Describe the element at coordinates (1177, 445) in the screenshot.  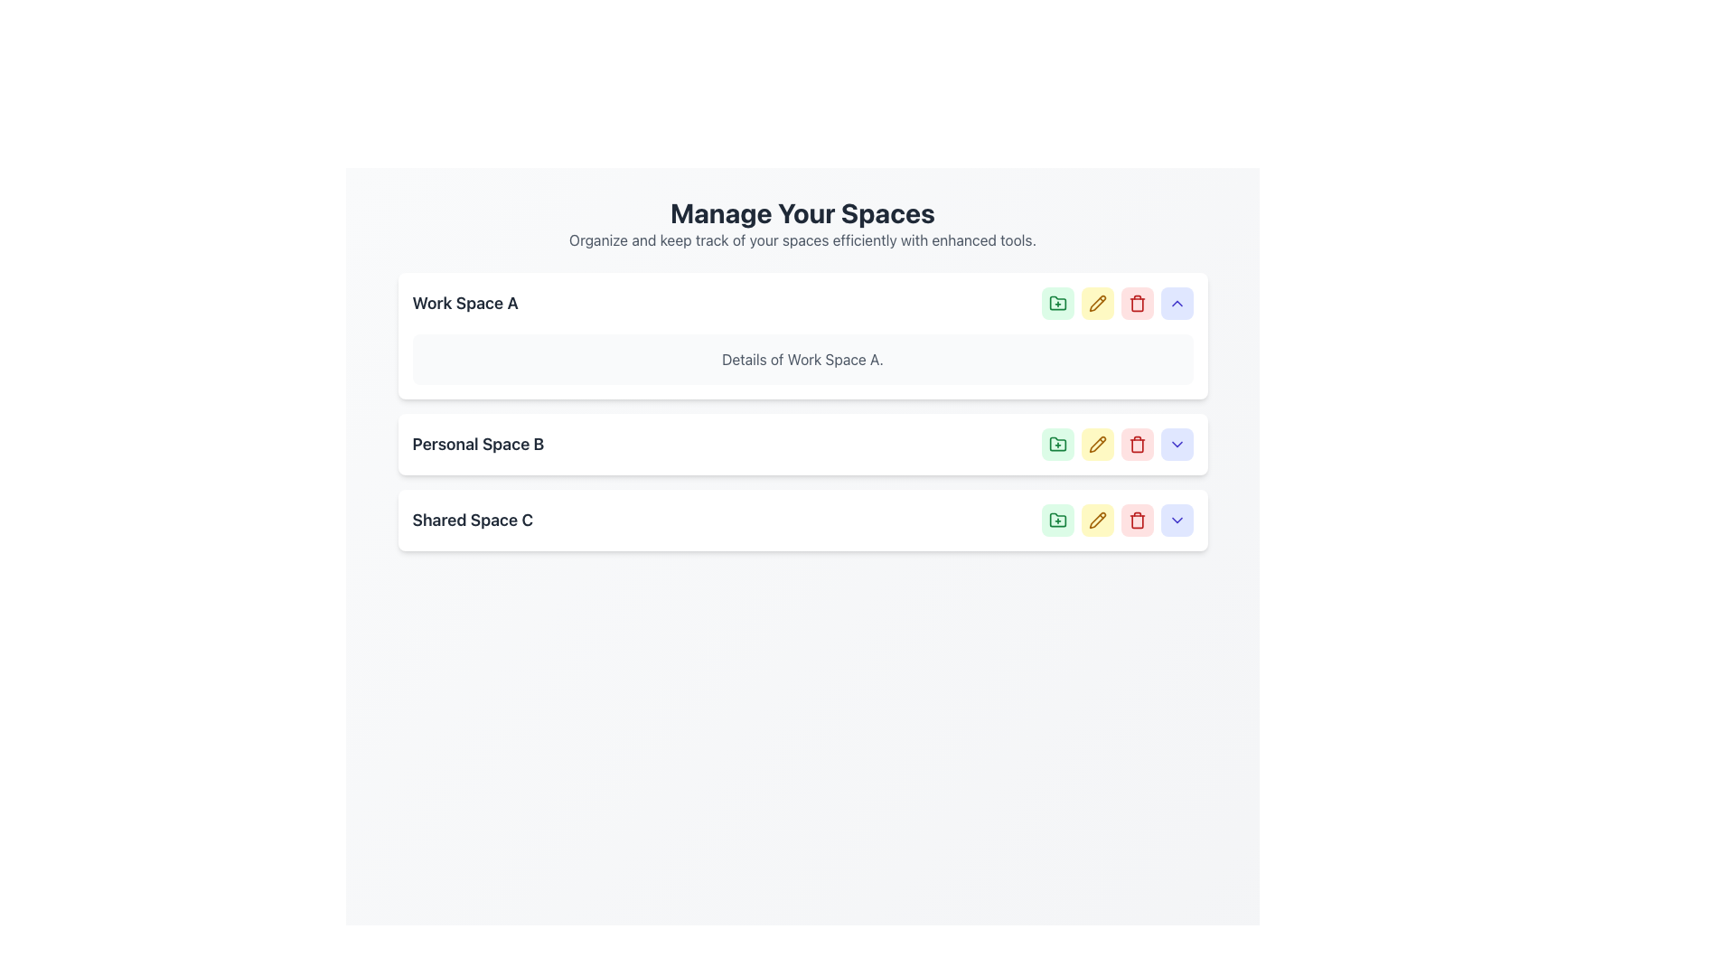
I see `the visibility toggle button for 'Personal Space B' located at the far right of the options toolbar` at that location.